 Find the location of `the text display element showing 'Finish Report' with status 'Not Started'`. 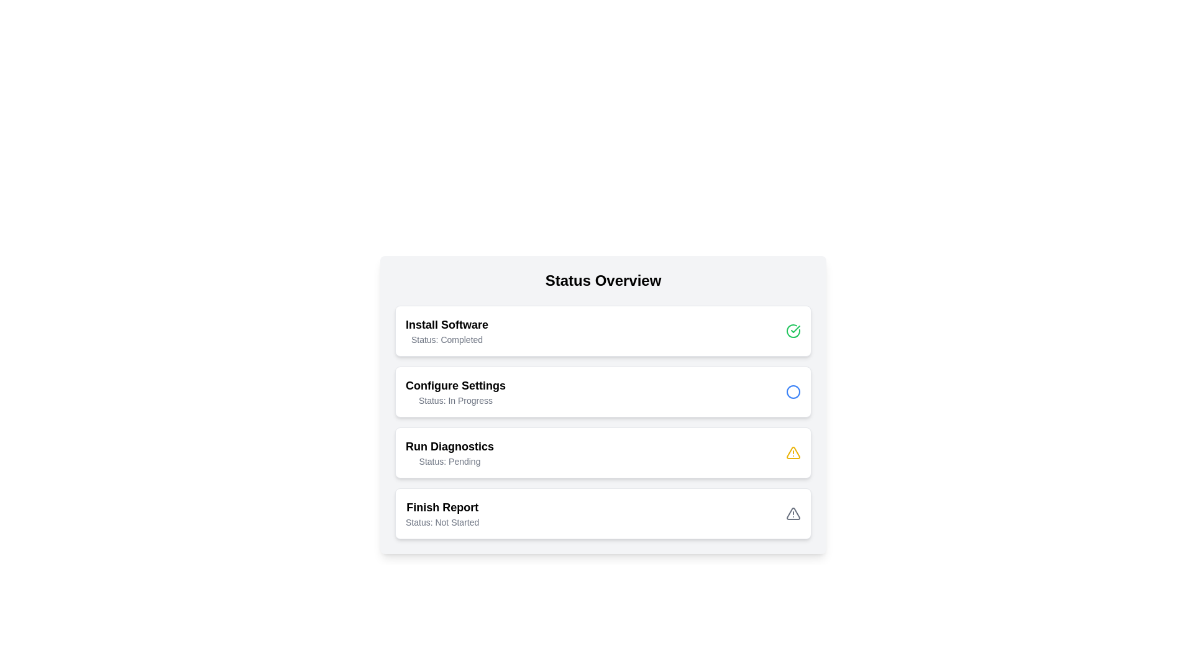

the text display element showing 'Finish Report' with status 'Not Started' is located at coordinates (442, 513).